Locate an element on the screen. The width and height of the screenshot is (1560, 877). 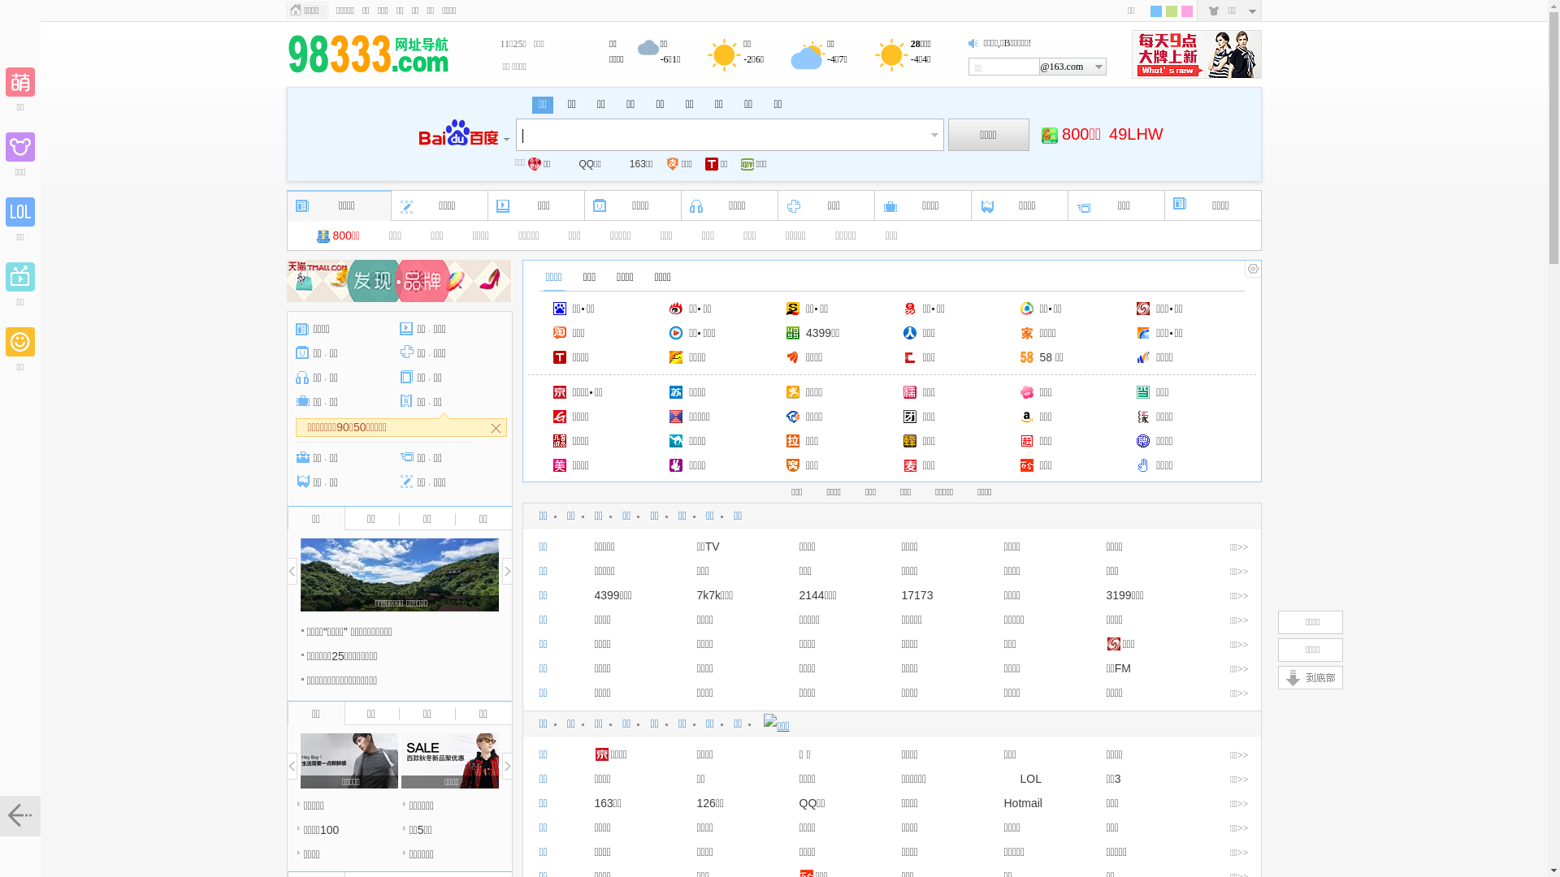
'49LHW' is located at coordinates (1135, 133).